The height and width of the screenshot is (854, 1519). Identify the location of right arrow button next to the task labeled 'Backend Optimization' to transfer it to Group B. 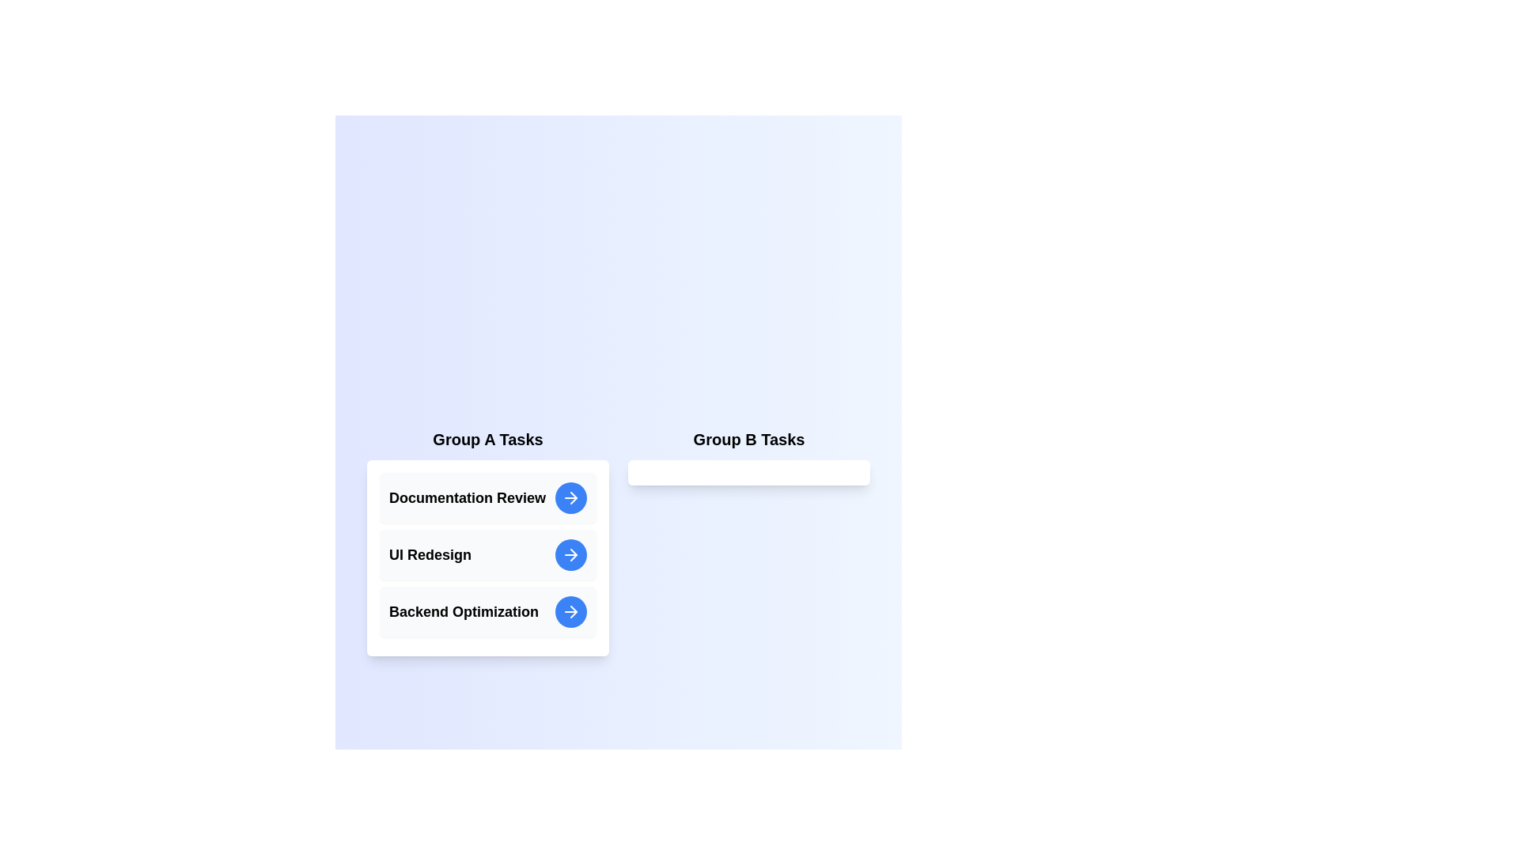
(570, 611).